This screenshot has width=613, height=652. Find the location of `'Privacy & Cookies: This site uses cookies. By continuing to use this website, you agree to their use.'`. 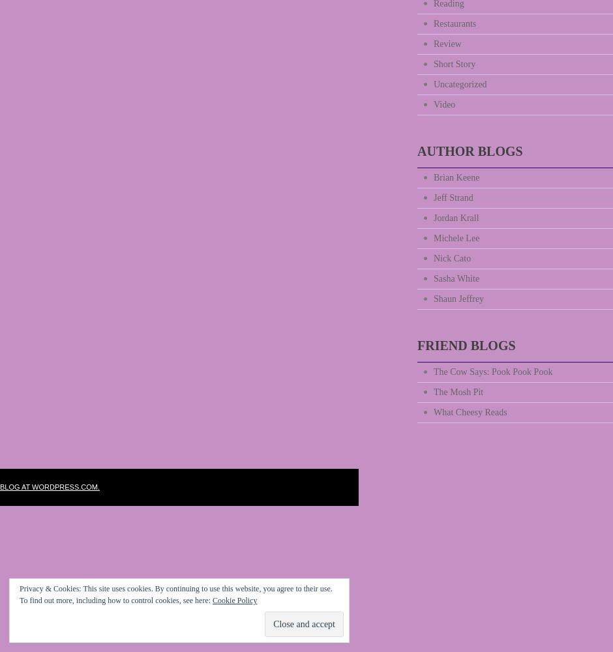

'Privacy & Cookies: This site uses cookies. By continuing to use this website, you agree to their use.' is located at coordinates (175, 589).